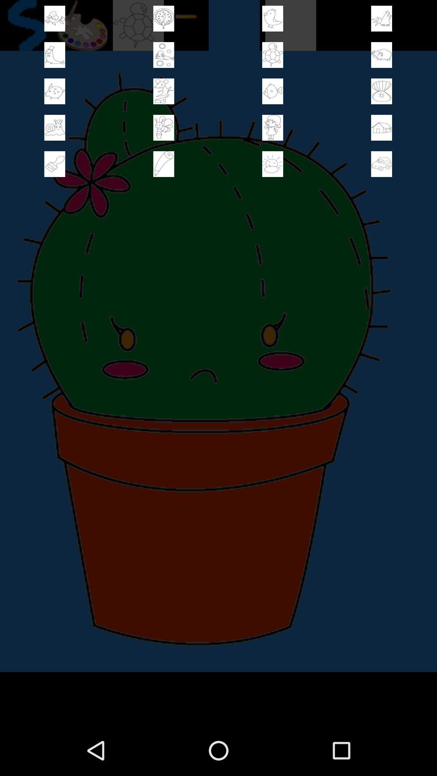 The height and width of the screenshot is (776, 437). I want to click on stamp, so click(382, 55).